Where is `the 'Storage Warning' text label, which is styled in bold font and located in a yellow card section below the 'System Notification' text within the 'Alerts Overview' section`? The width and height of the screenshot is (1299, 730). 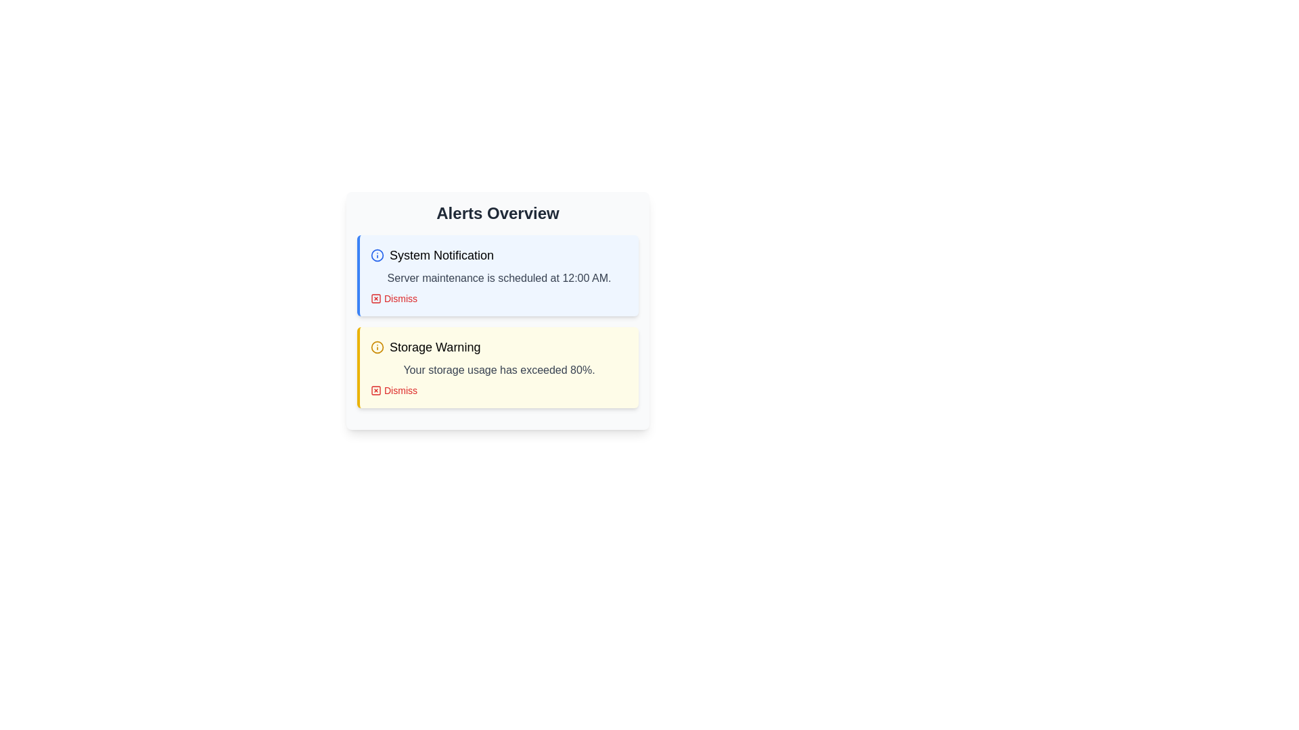
the 'Storage Warning' text label, which is styled in bold font and located in a yellow card section below the 'System Notification' text within the 'Alerts Overview' section is located at coordinates (435, 346).